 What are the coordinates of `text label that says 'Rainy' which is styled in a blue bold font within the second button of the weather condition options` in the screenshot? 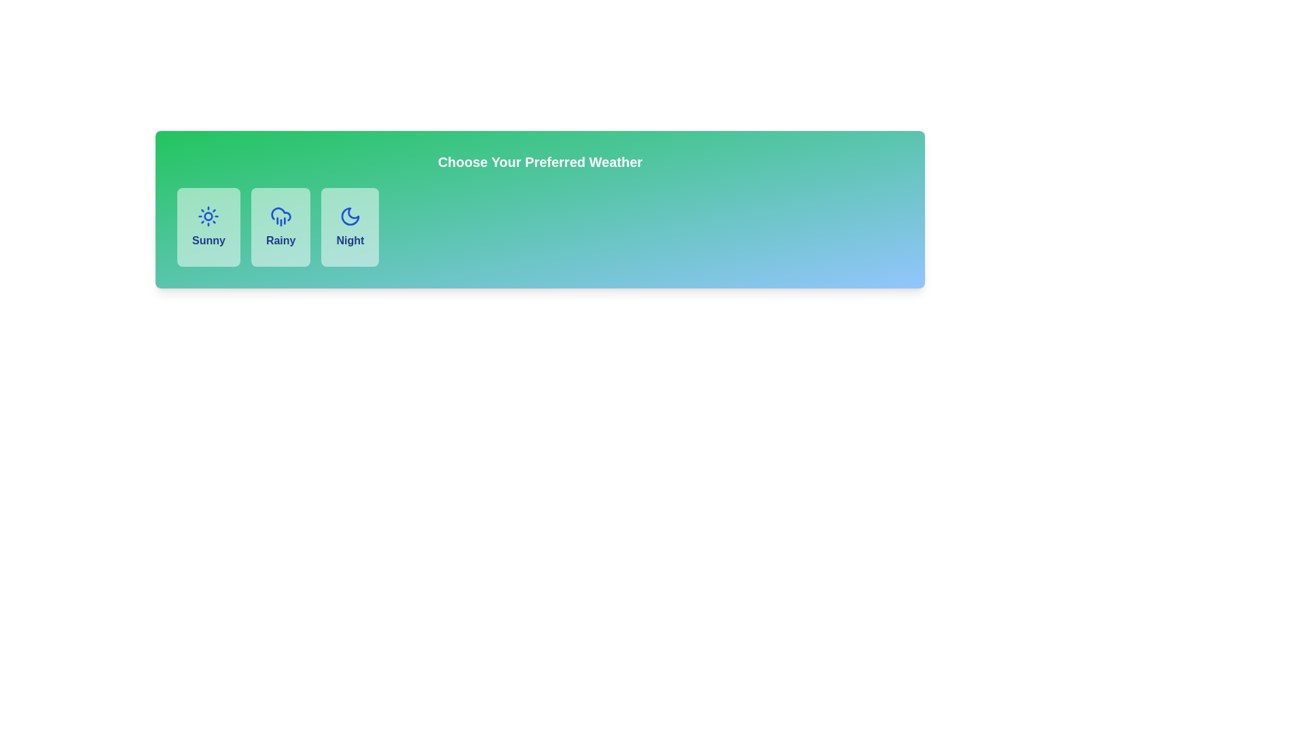 It's located at (280, 240).